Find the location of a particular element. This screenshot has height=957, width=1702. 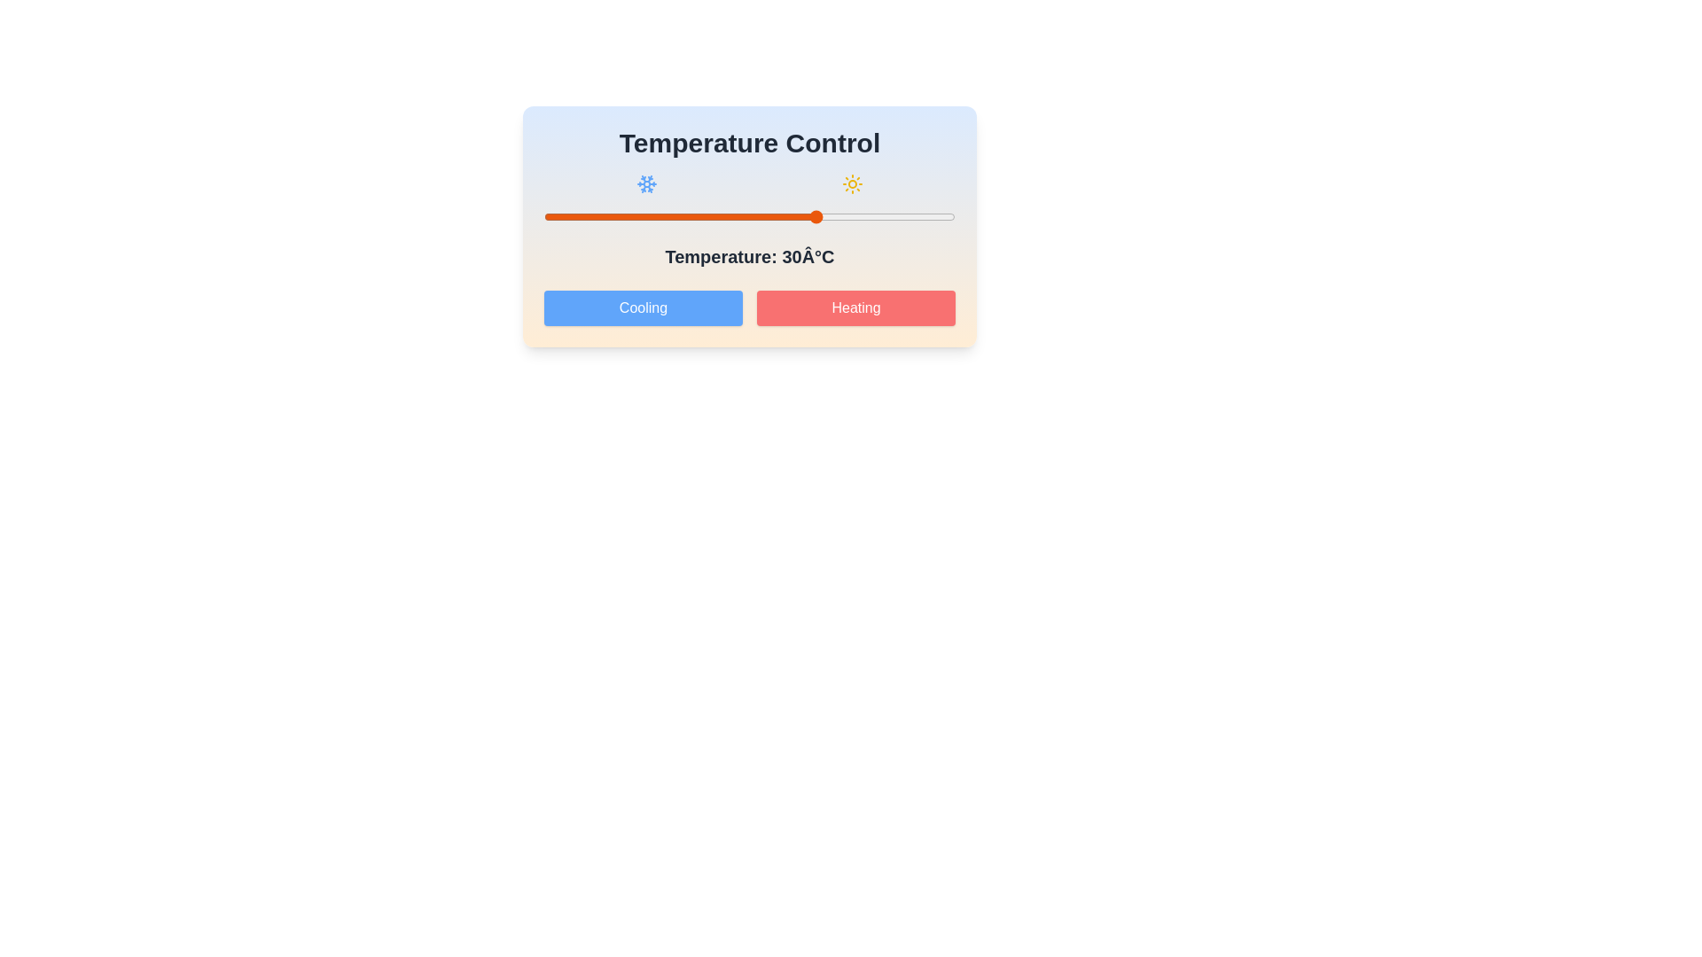

the 'Heating' button is located at coordinates (855, 307).